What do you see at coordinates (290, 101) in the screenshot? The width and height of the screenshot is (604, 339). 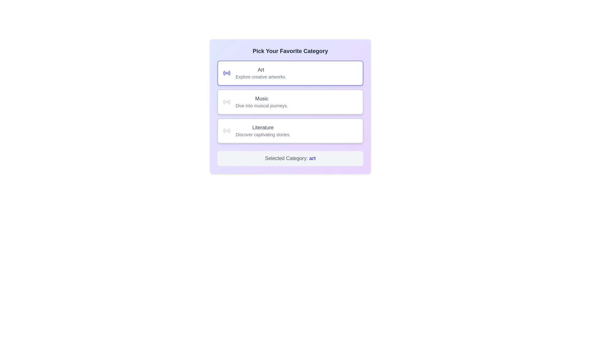 I see `the 'Music' selectable card, which is the second card in the list of three option cards` at bounding box center [290, 101].